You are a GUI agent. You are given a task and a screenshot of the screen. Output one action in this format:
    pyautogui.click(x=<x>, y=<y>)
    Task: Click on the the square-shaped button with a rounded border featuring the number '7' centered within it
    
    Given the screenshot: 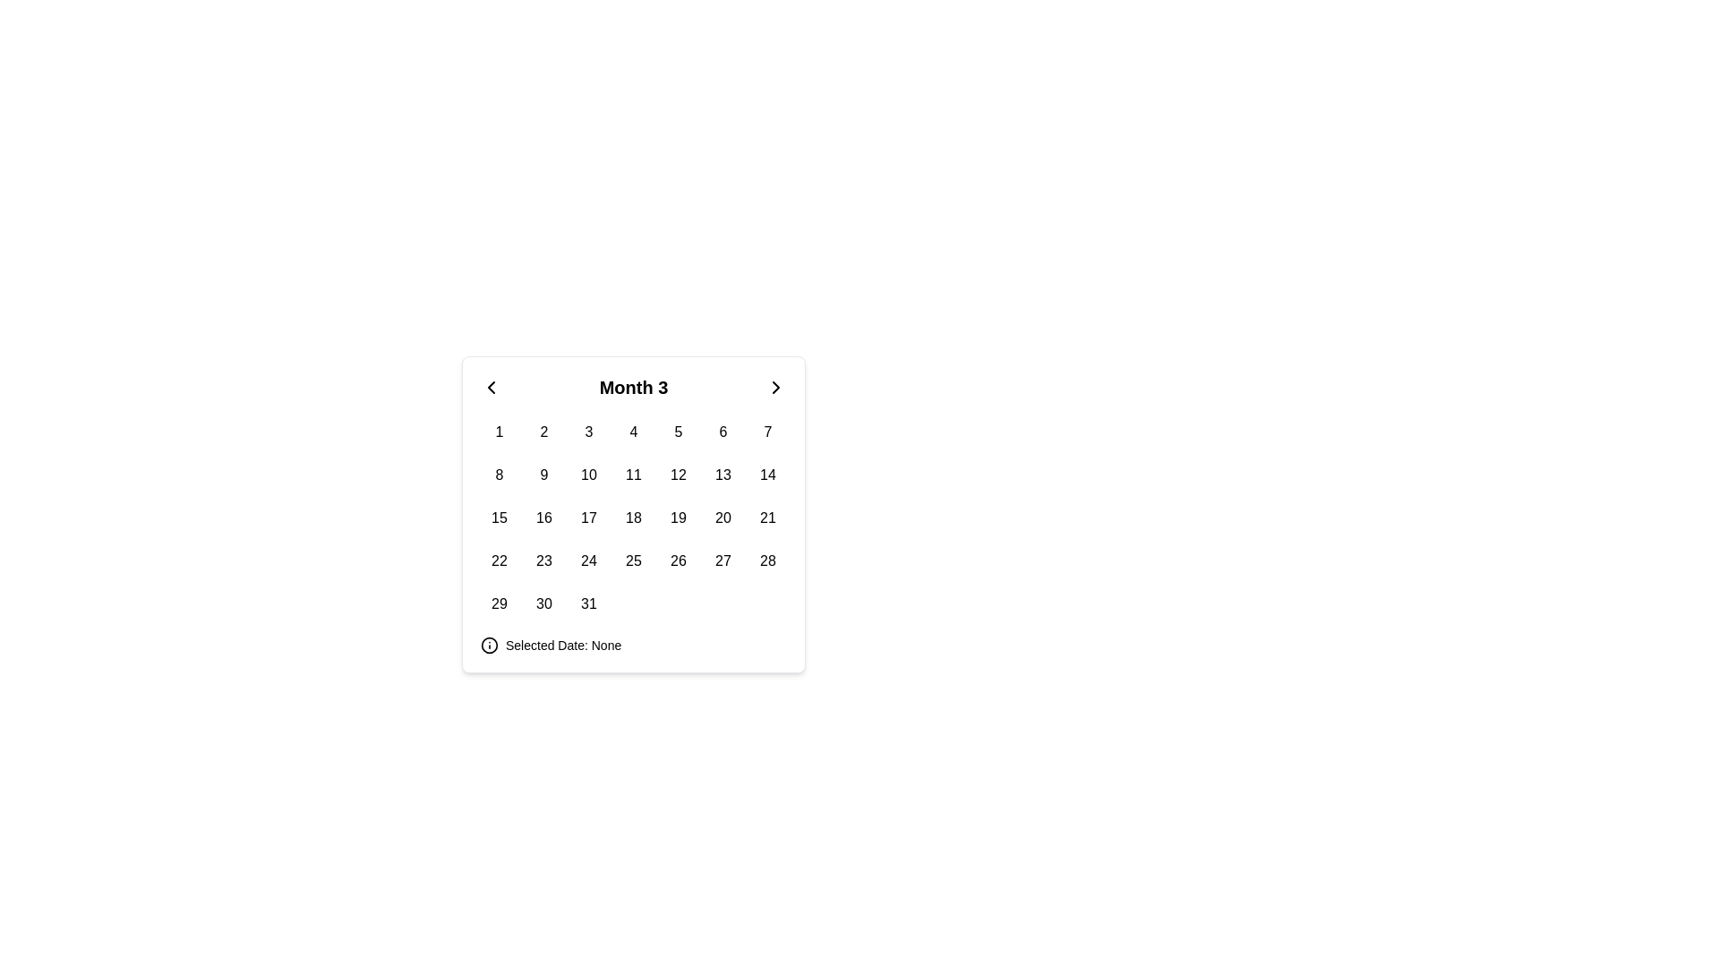 What is the action you would take?
    pyautogui.click(x=768, y=432)
    